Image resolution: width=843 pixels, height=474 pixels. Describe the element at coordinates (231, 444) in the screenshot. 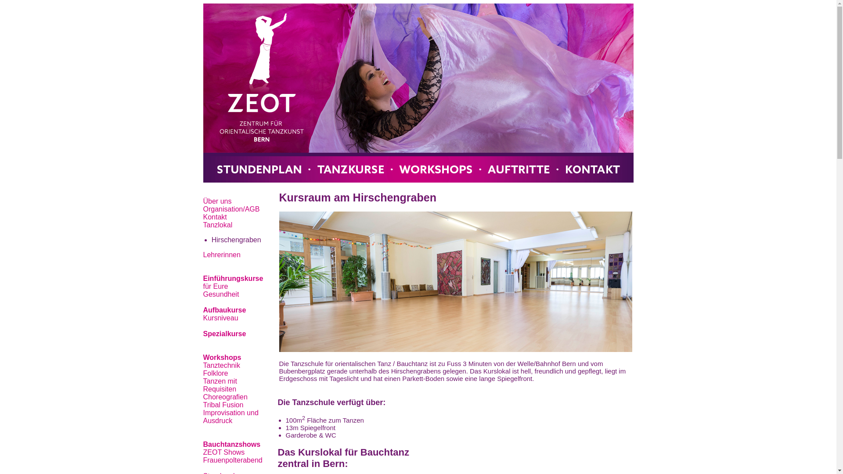

I see `'Bauchtanzshows'` at that location.